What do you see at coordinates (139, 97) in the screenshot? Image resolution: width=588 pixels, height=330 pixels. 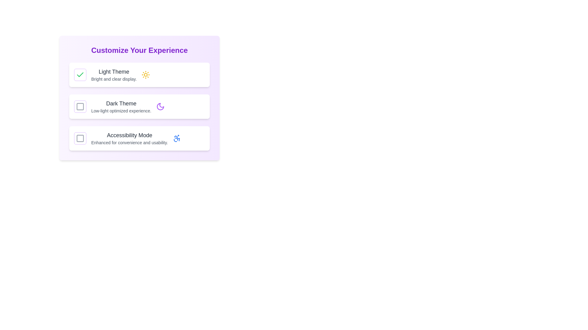 I see `the checkbox of the 'Dark Theme' selection item within the options list for keyboard selection` at bounding box center [139, 97].